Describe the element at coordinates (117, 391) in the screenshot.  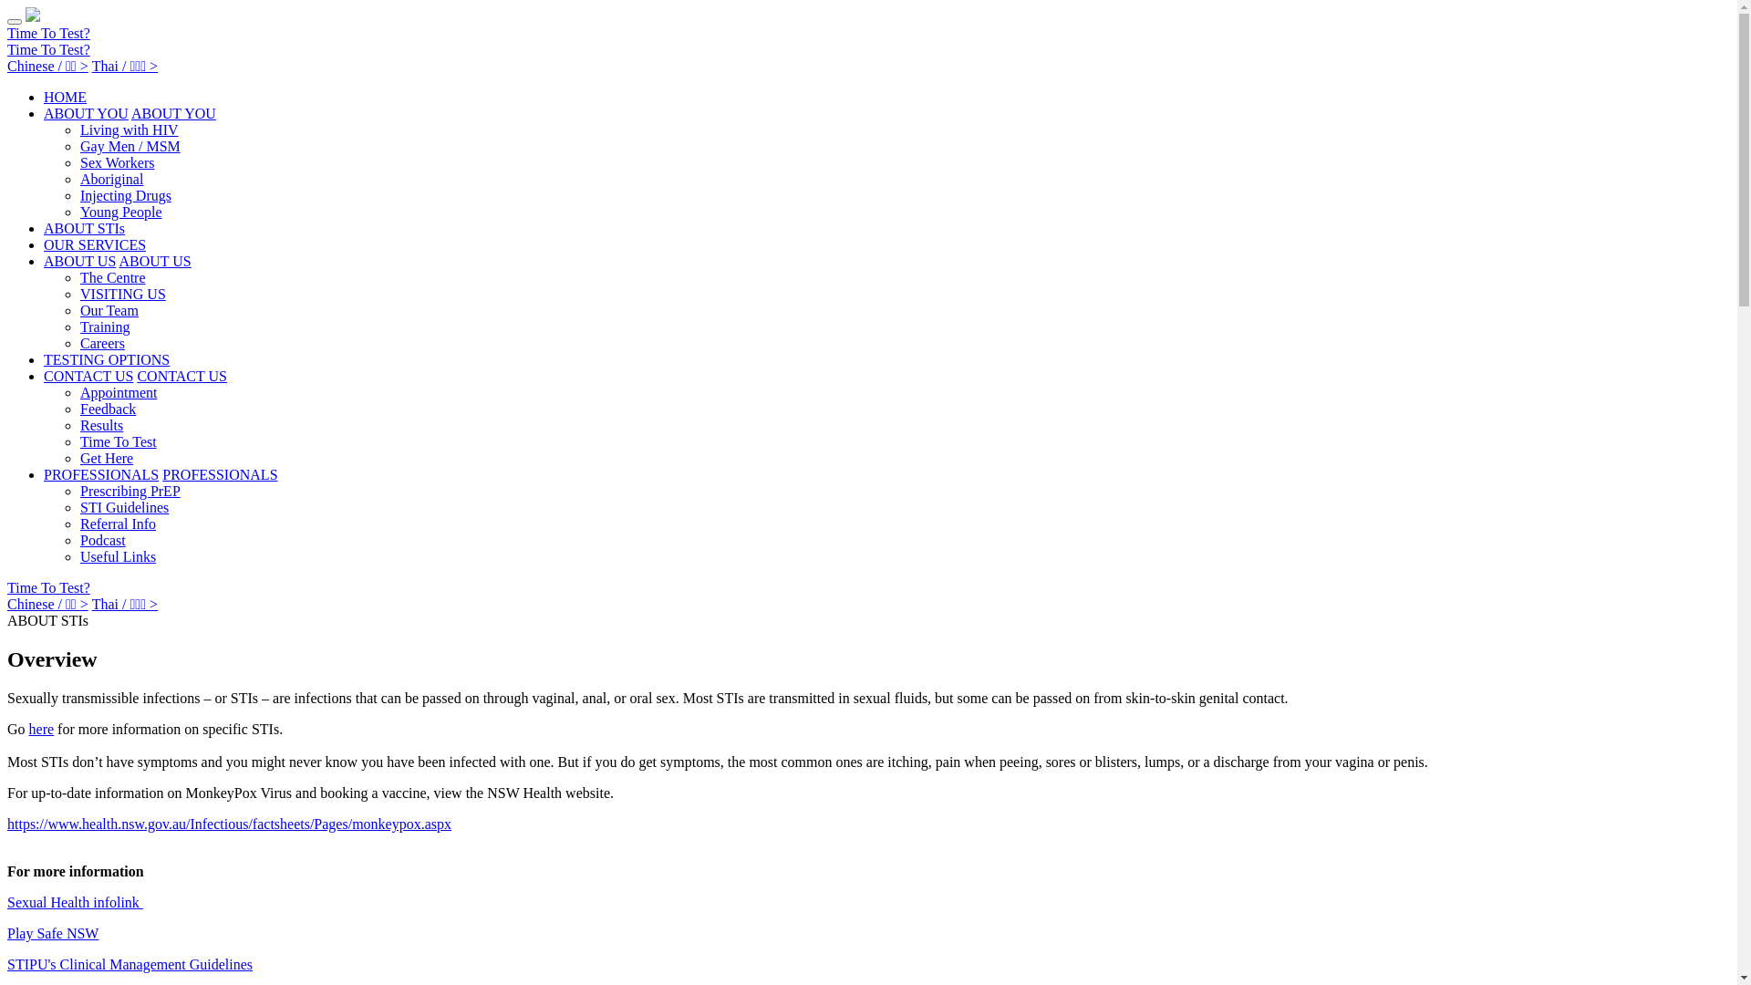
I see `'Appointment'` at that location.